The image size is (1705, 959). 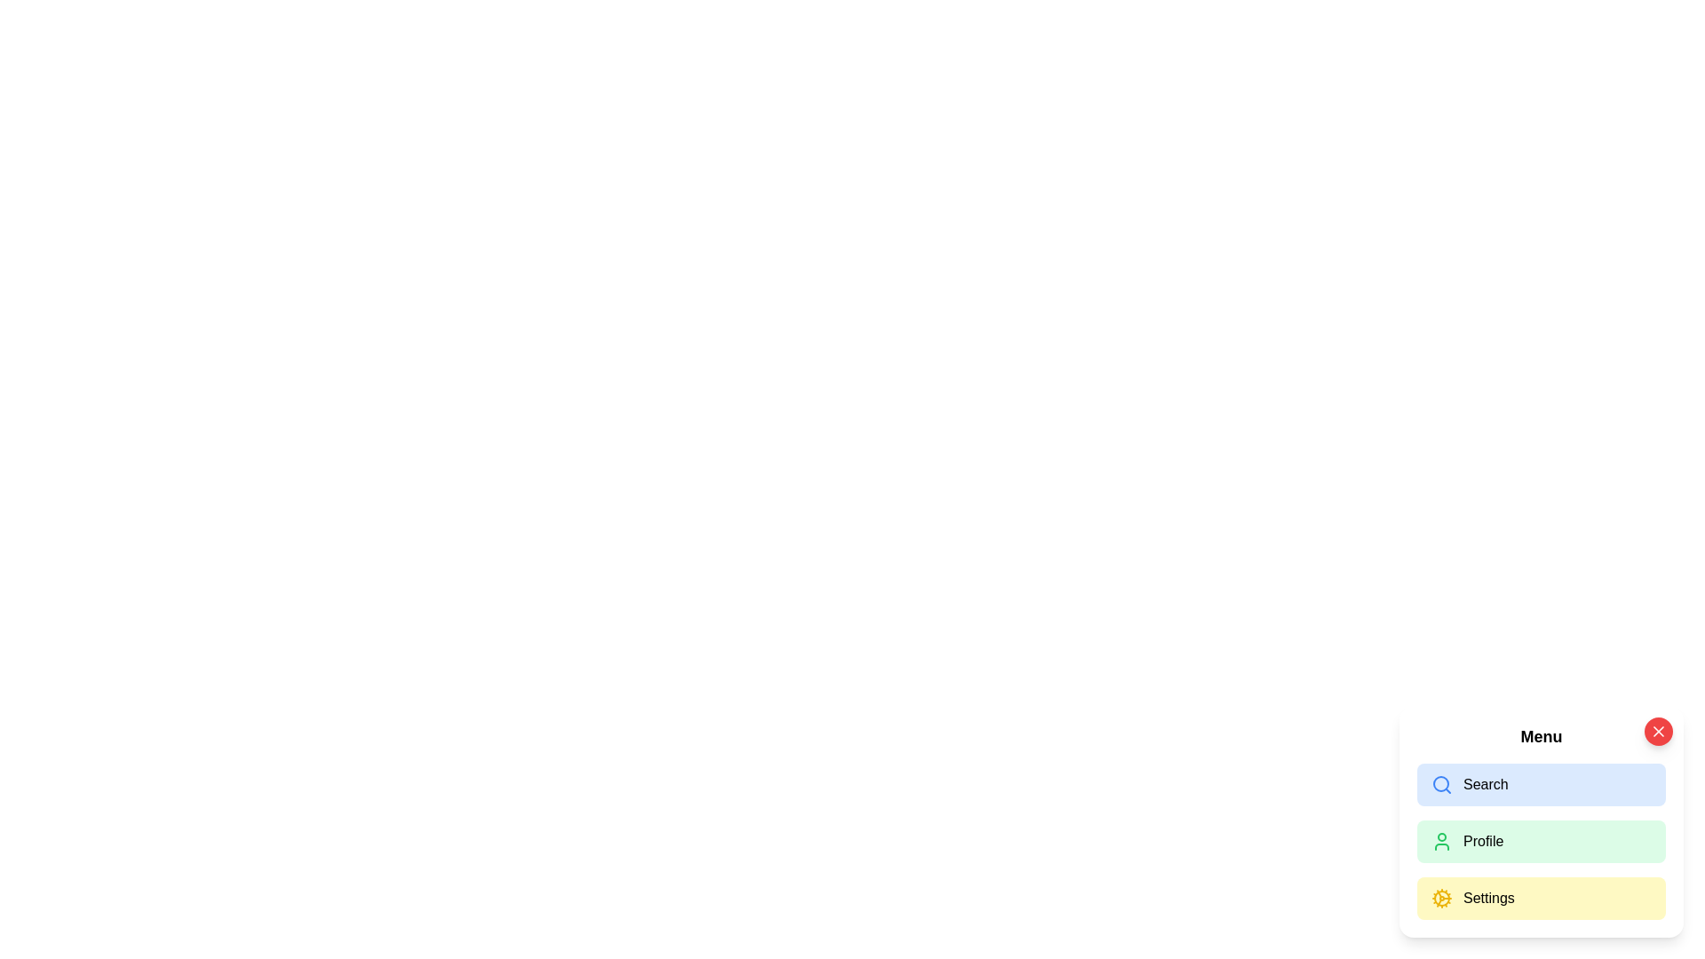 I want to click on the close button icon, which is represented by a small 'X' icon within a red circular background at the top-right corner of the popup menu, so click(x=1657, y=732).